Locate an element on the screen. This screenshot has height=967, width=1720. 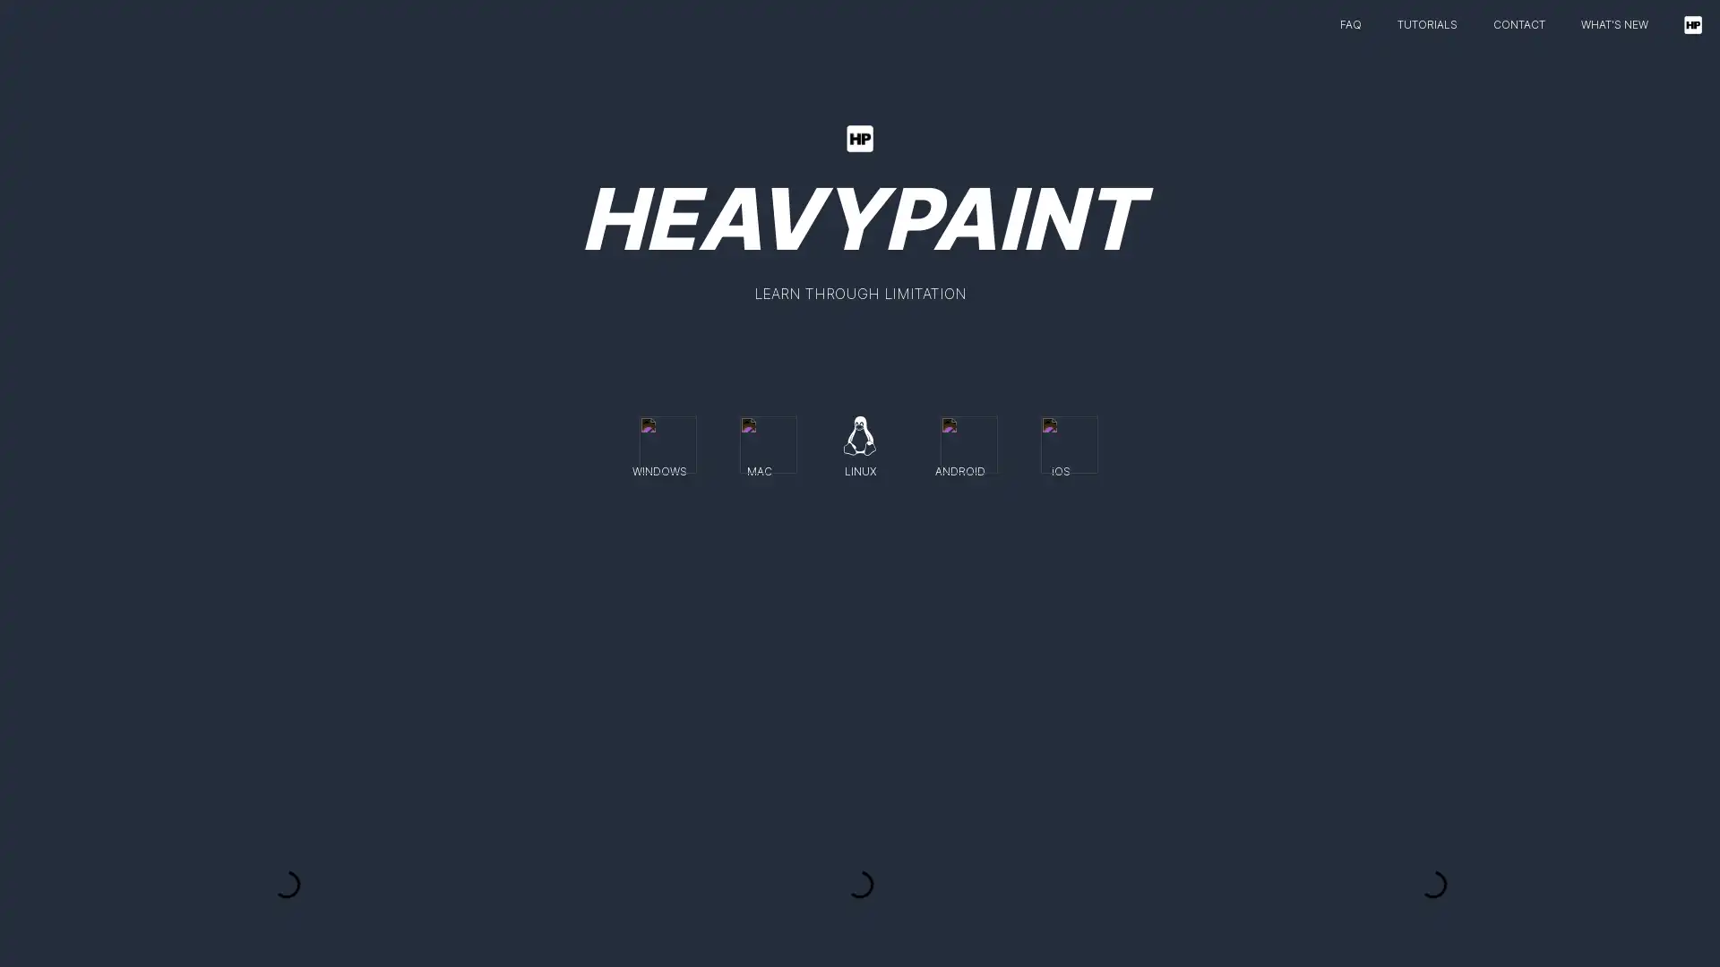
LINUX is located at coordinates (860, 441).